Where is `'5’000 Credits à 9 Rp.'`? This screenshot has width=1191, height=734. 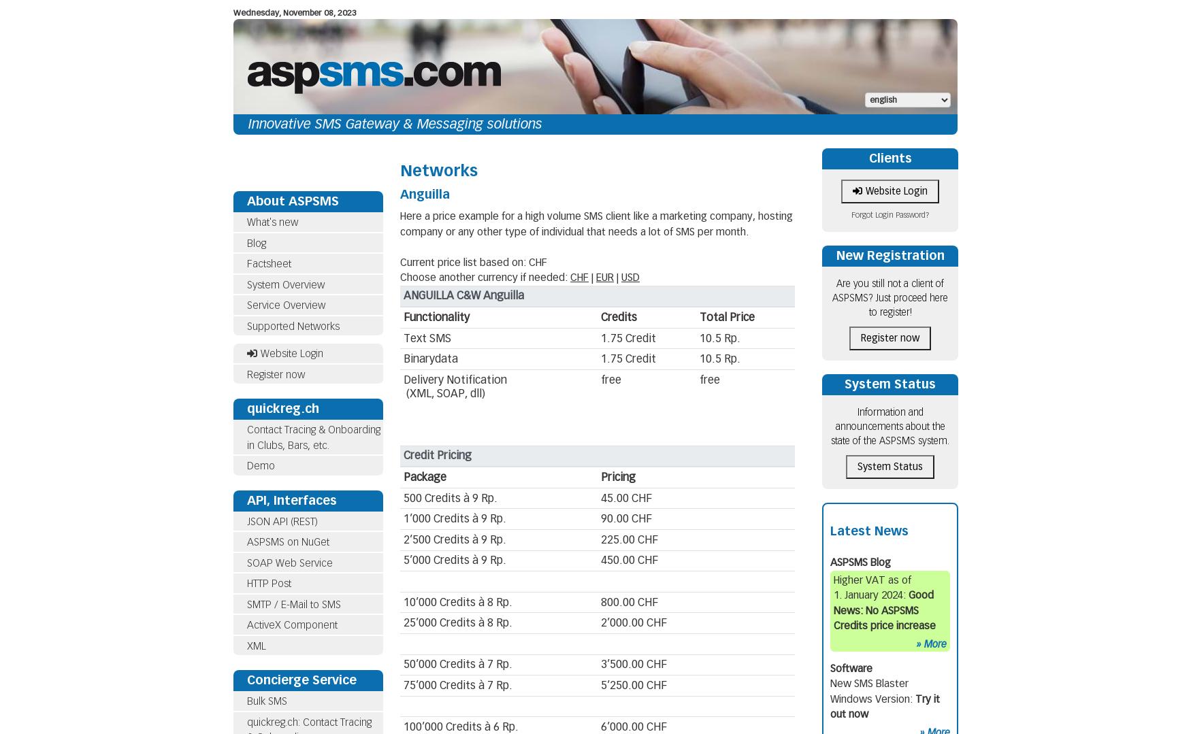 '5’000 Credits à 9 Rp.' is located at coordinates (453, 559).